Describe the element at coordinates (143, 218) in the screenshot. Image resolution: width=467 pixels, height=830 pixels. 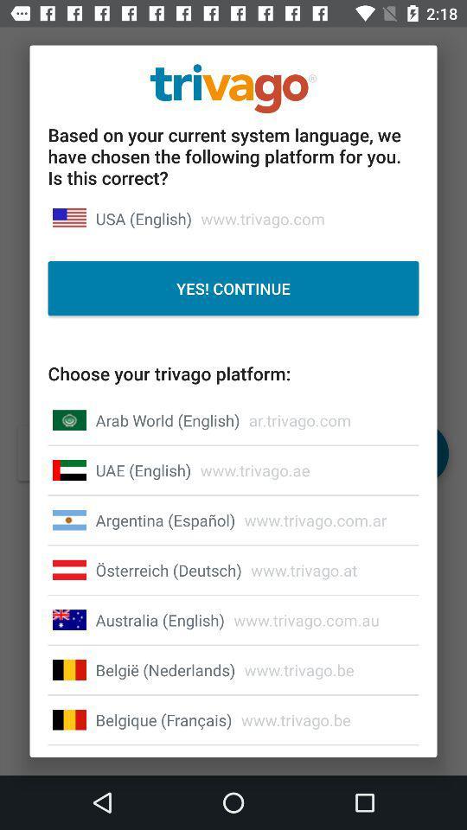
I see `icon to the left of the www.trivago.com icon` at that location.